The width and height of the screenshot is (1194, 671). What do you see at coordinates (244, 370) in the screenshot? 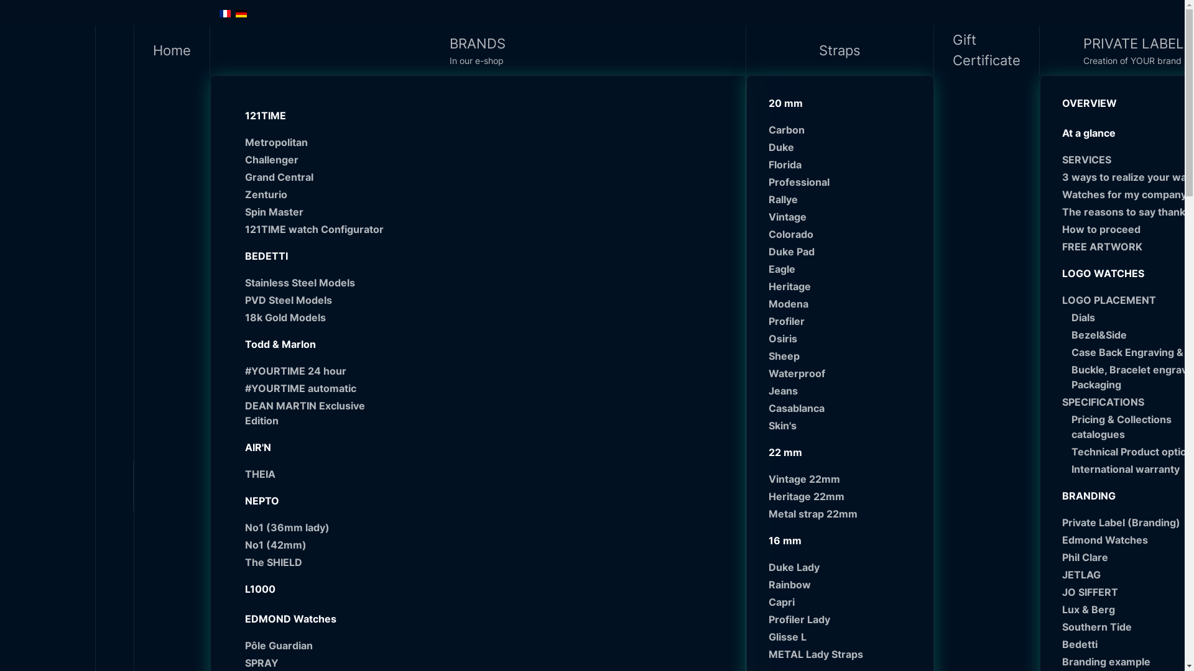
I see `'#YOURTIME 24 hour'` at bounding box center [244, 370].